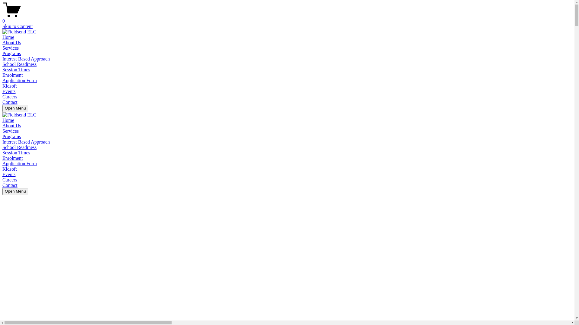  What do you see at coordinates (9, 91) in the screenshot?
I see `'Events'` at bounding box center [9, 91].